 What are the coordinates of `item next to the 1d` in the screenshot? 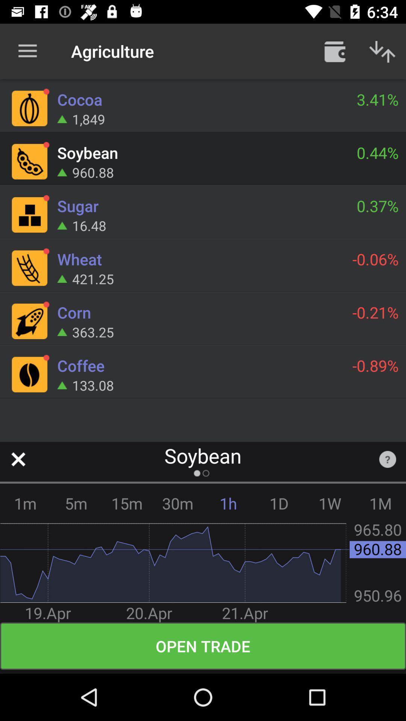 It's located at (329, 503).